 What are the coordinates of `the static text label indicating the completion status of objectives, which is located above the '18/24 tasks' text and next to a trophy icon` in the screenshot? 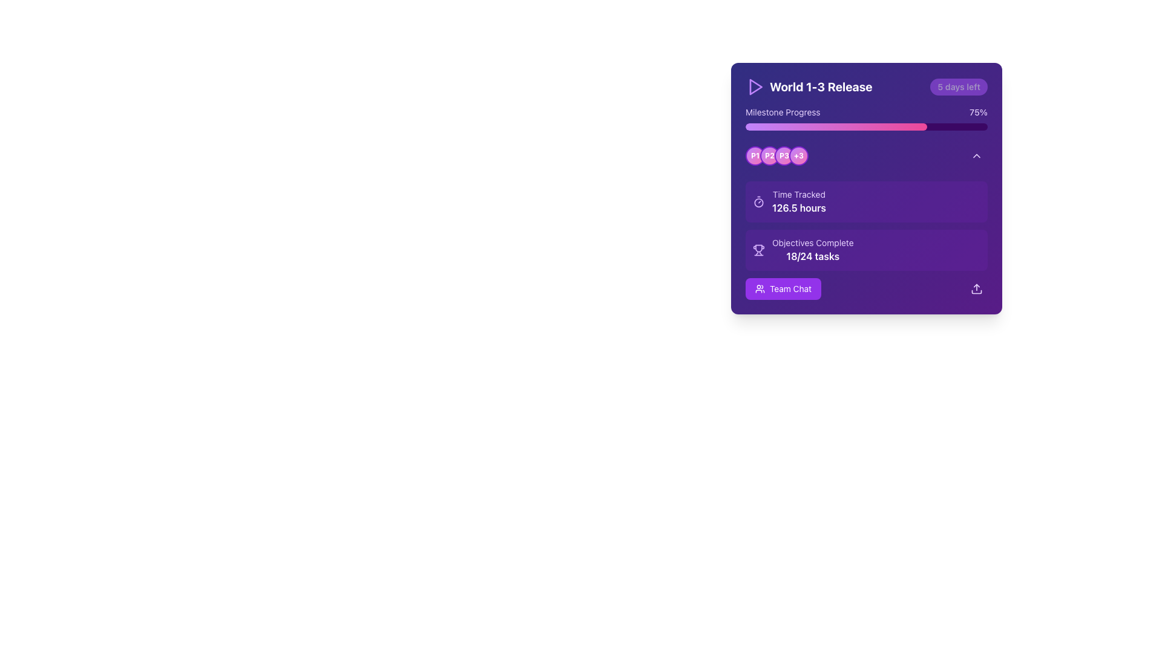 It's located at (813, 242).